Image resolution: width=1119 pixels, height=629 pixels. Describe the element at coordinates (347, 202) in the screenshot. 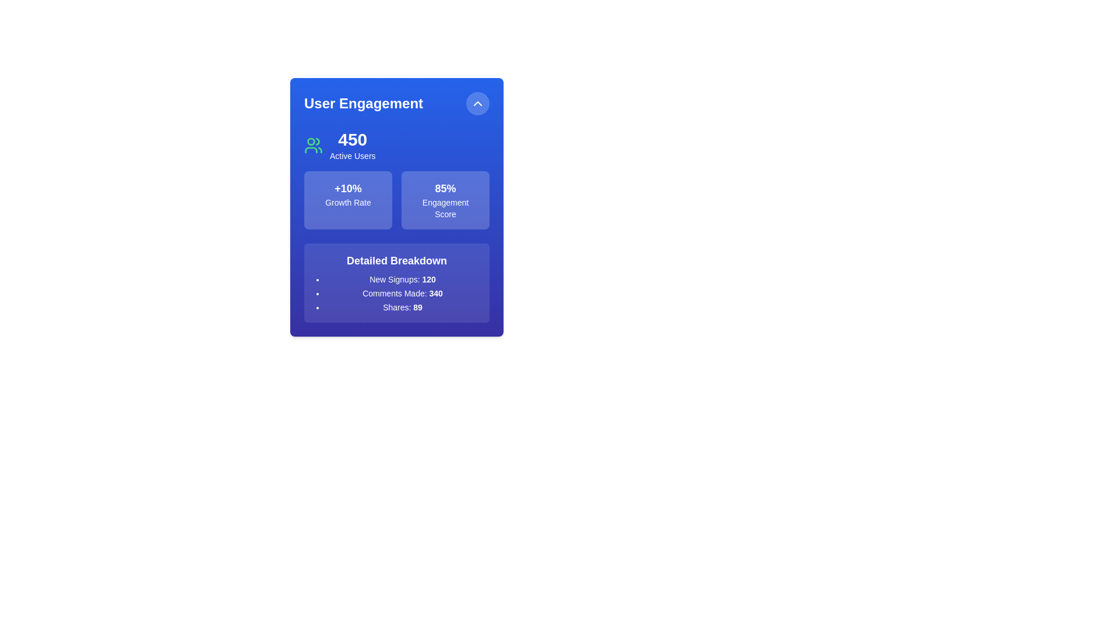

I see `the static text label displaying 'Growth Rate', which is located below the '+10%' percentage on a rounded rectangular card in the center-left region of the interface` at that location.